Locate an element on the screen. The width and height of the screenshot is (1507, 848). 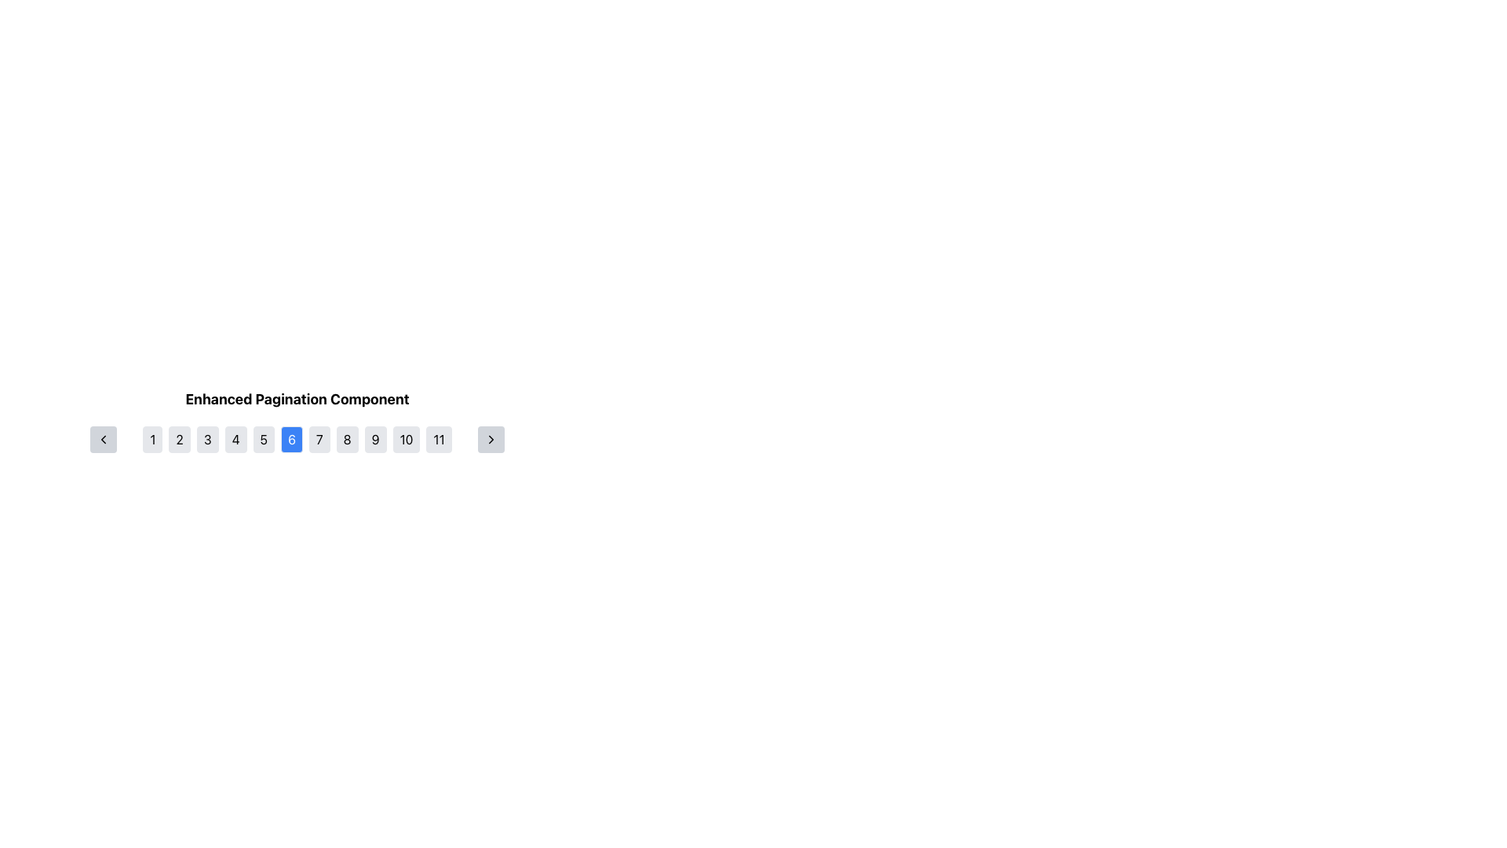
the chevron icon located in the first pagination button to trigger hover effects is located at coordinates (103, 439).